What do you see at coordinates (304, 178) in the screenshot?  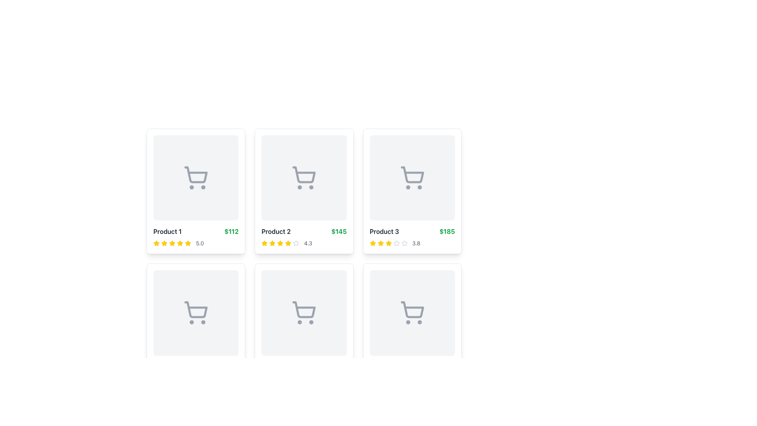 I see `the shopping cart icon located in the second card of the first row in the grid layout, which is centrally aligned above the product details section and price label` at bounding box center [304, 178].